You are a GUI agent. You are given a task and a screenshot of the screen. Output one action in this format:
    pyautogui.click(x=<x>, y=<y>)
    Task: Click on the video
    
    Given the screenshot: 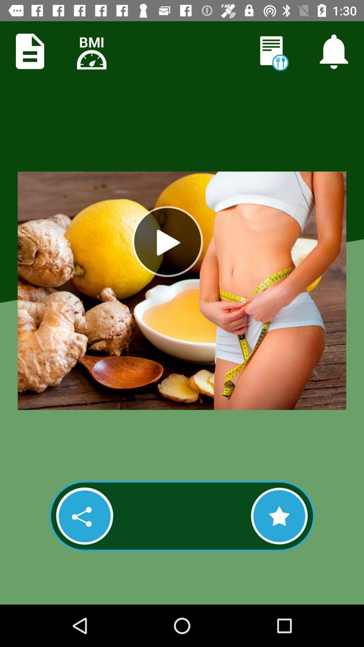 What is the action you would take?
    pyautogui.click(x=167, y=241)
    